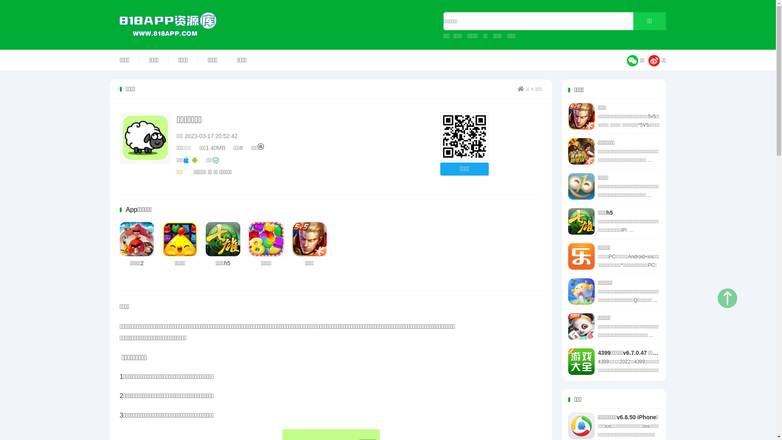 This screenshot has height=440, width=782. I want to click on 'http://www.818app.com', so click(443, 136).